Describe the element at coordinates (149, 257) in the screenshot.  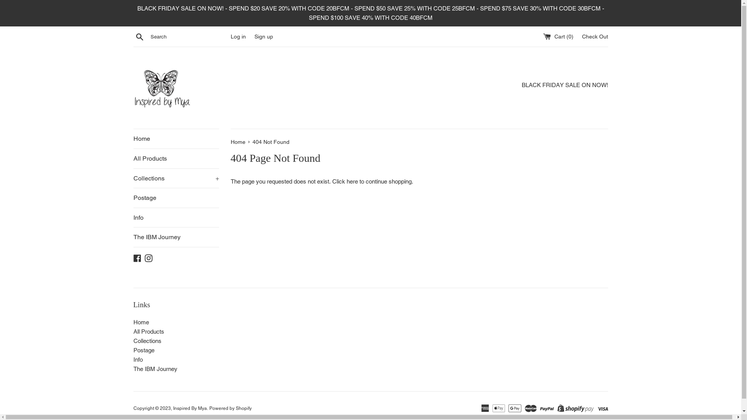
I see `'Instagram'` at that location.